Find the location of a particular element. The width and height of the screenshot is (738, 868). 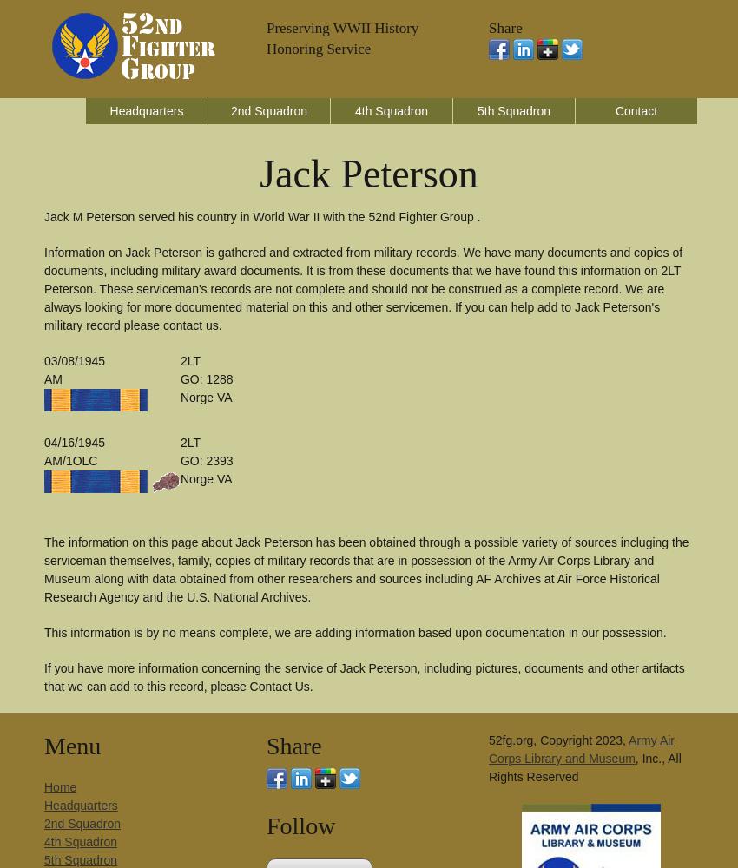

'Jack M Peterson served his country in World War II with the 52nd Fighter Group .' is located at coordinates (262, 217).